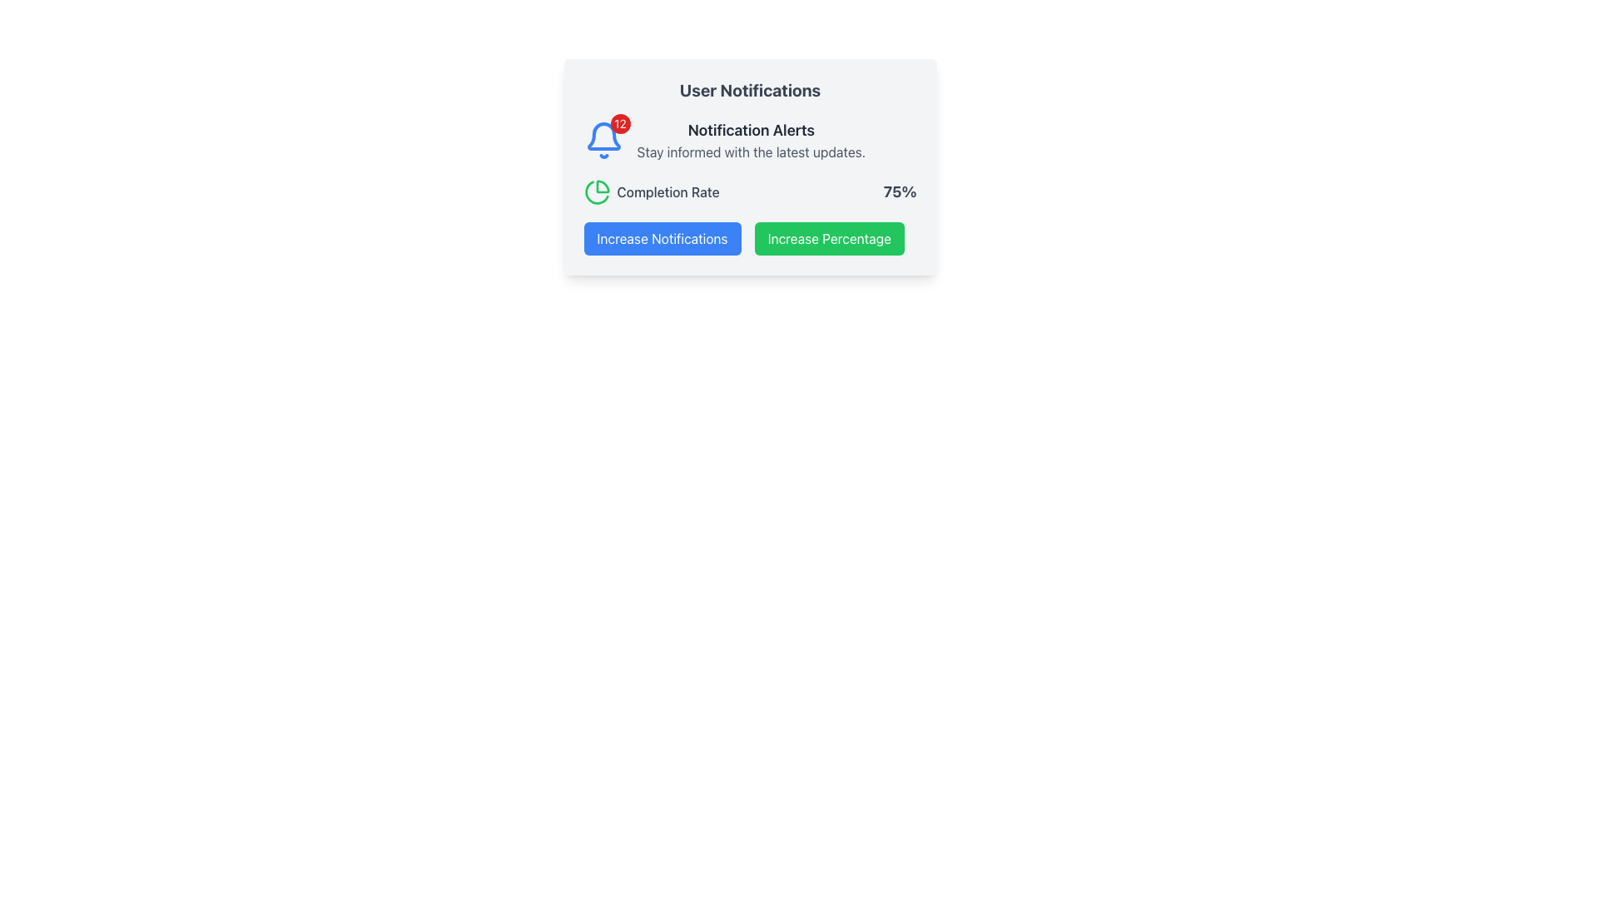 The height and width of the screenshot is (899, 1598). Describe the element at coordinates (650, 191) in the screenshot. I see `the Label with icon that features a pie chart icon with a green stroke-filled slice and the text 'Completion Rate' in gray font, located centrally below 'User Notifications'` at that location.